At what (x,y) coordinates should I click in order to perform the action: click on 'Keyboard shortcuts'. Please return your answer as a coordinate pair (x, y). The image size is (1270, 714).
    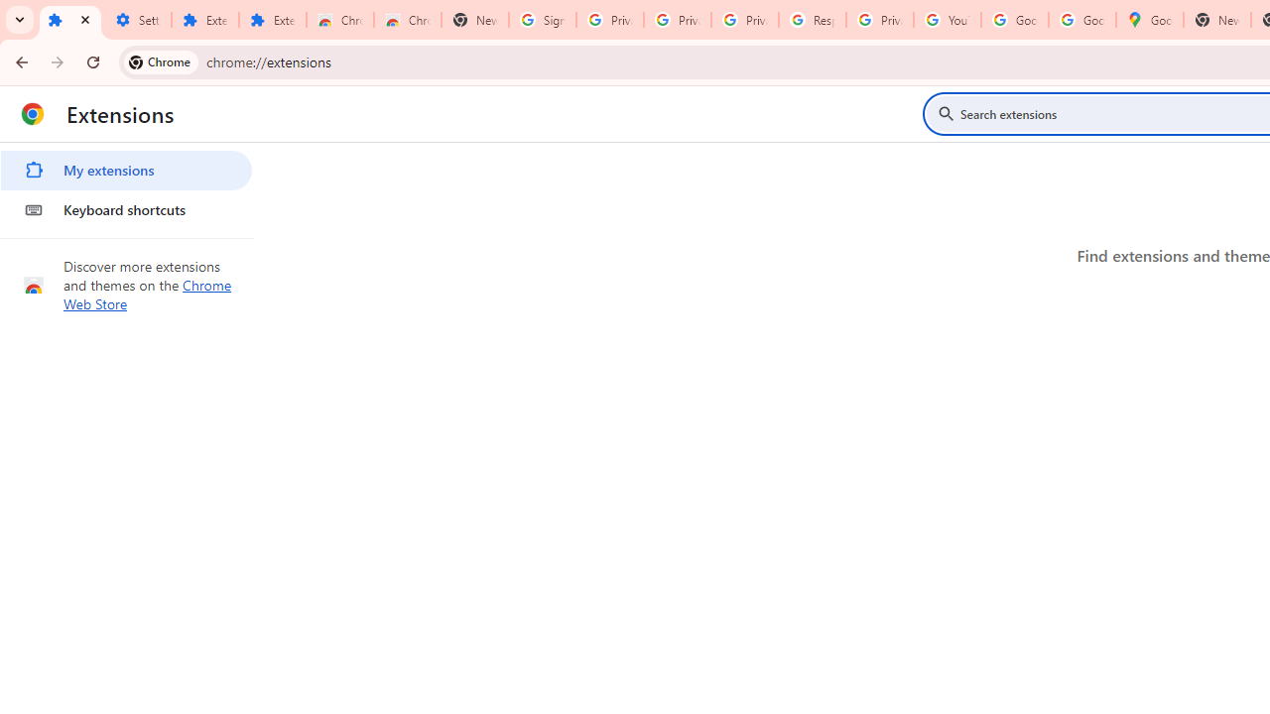
    Looking at the image, I should click on (125, 210).